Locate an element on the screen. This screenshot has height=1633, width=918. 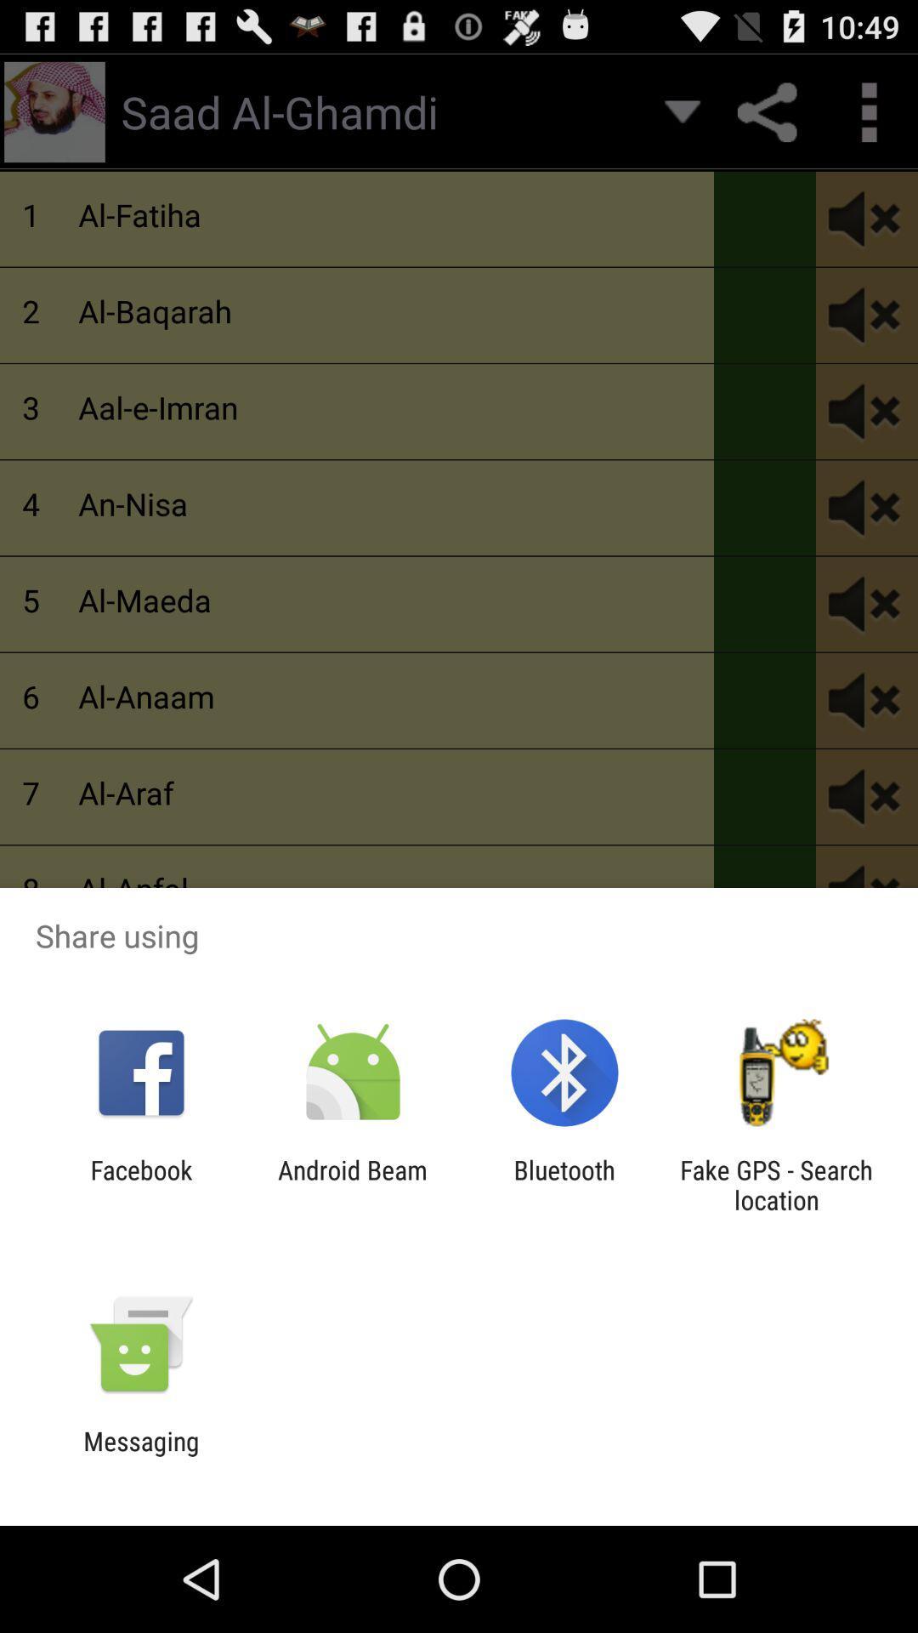
the bluetooth item is located at coordinates (564, 1184).